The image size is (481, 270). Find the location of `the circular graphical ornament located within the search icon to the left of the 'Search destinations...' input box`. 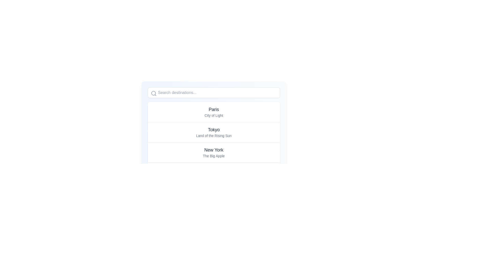

the circular graphical ornament located within the search icon to the left of the 'Search destinations...' input box is located at coordinates (153, 93).